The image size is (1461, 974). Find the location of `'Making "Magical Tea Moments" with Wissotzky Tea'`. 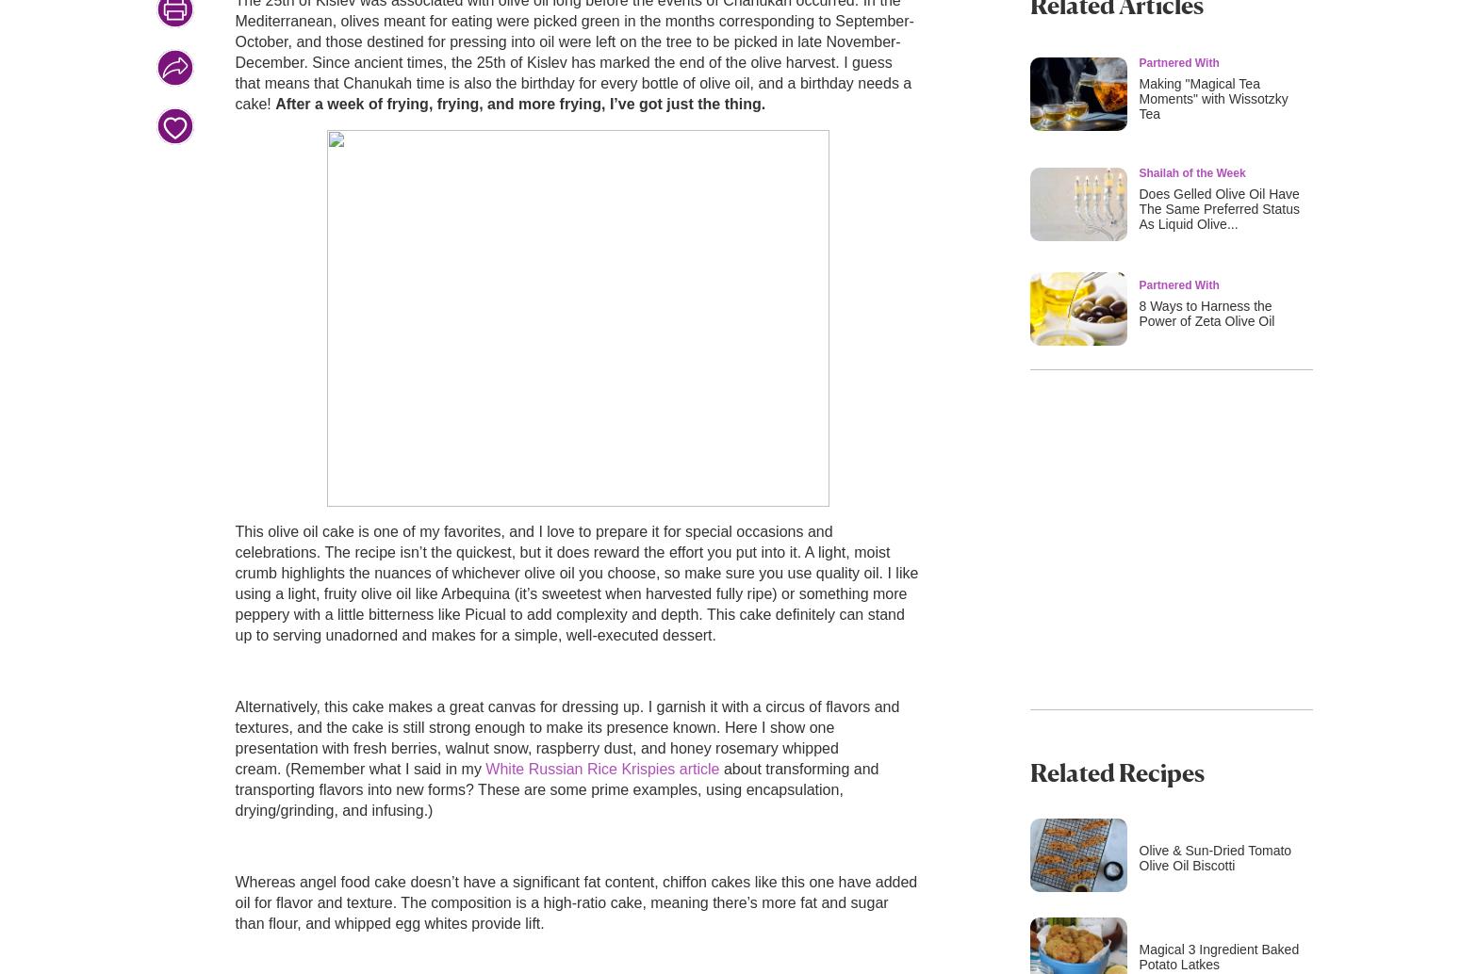

'Making "Magical Tea Moments" with Wissotzky Tea' is located at coordinates (1211, 98).